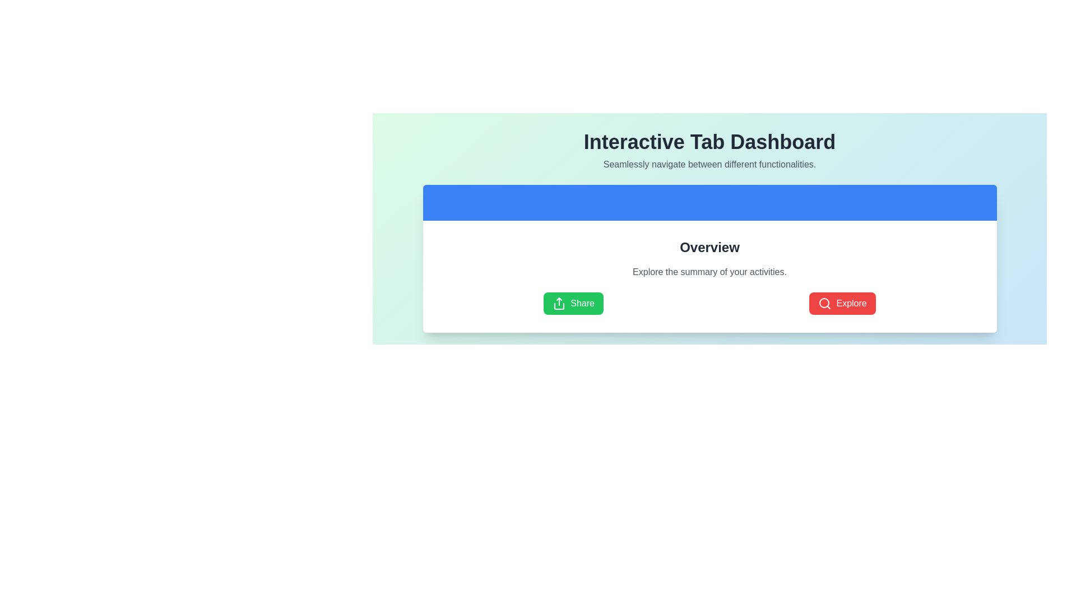  Describe the element at coordinates (573, 304) in the screenshot. I see `the green 'Share' button with an upward arrow icon located below the 'Overview' section to share content` at that location.